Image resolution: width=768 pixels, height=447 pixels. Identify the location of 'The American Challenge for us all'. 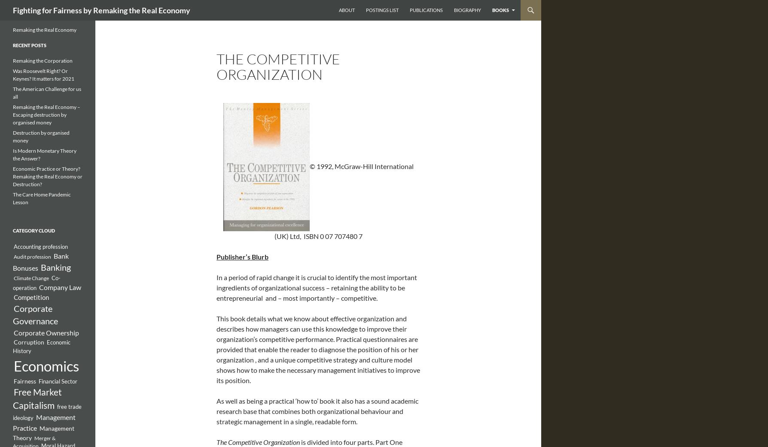
(47, 92).